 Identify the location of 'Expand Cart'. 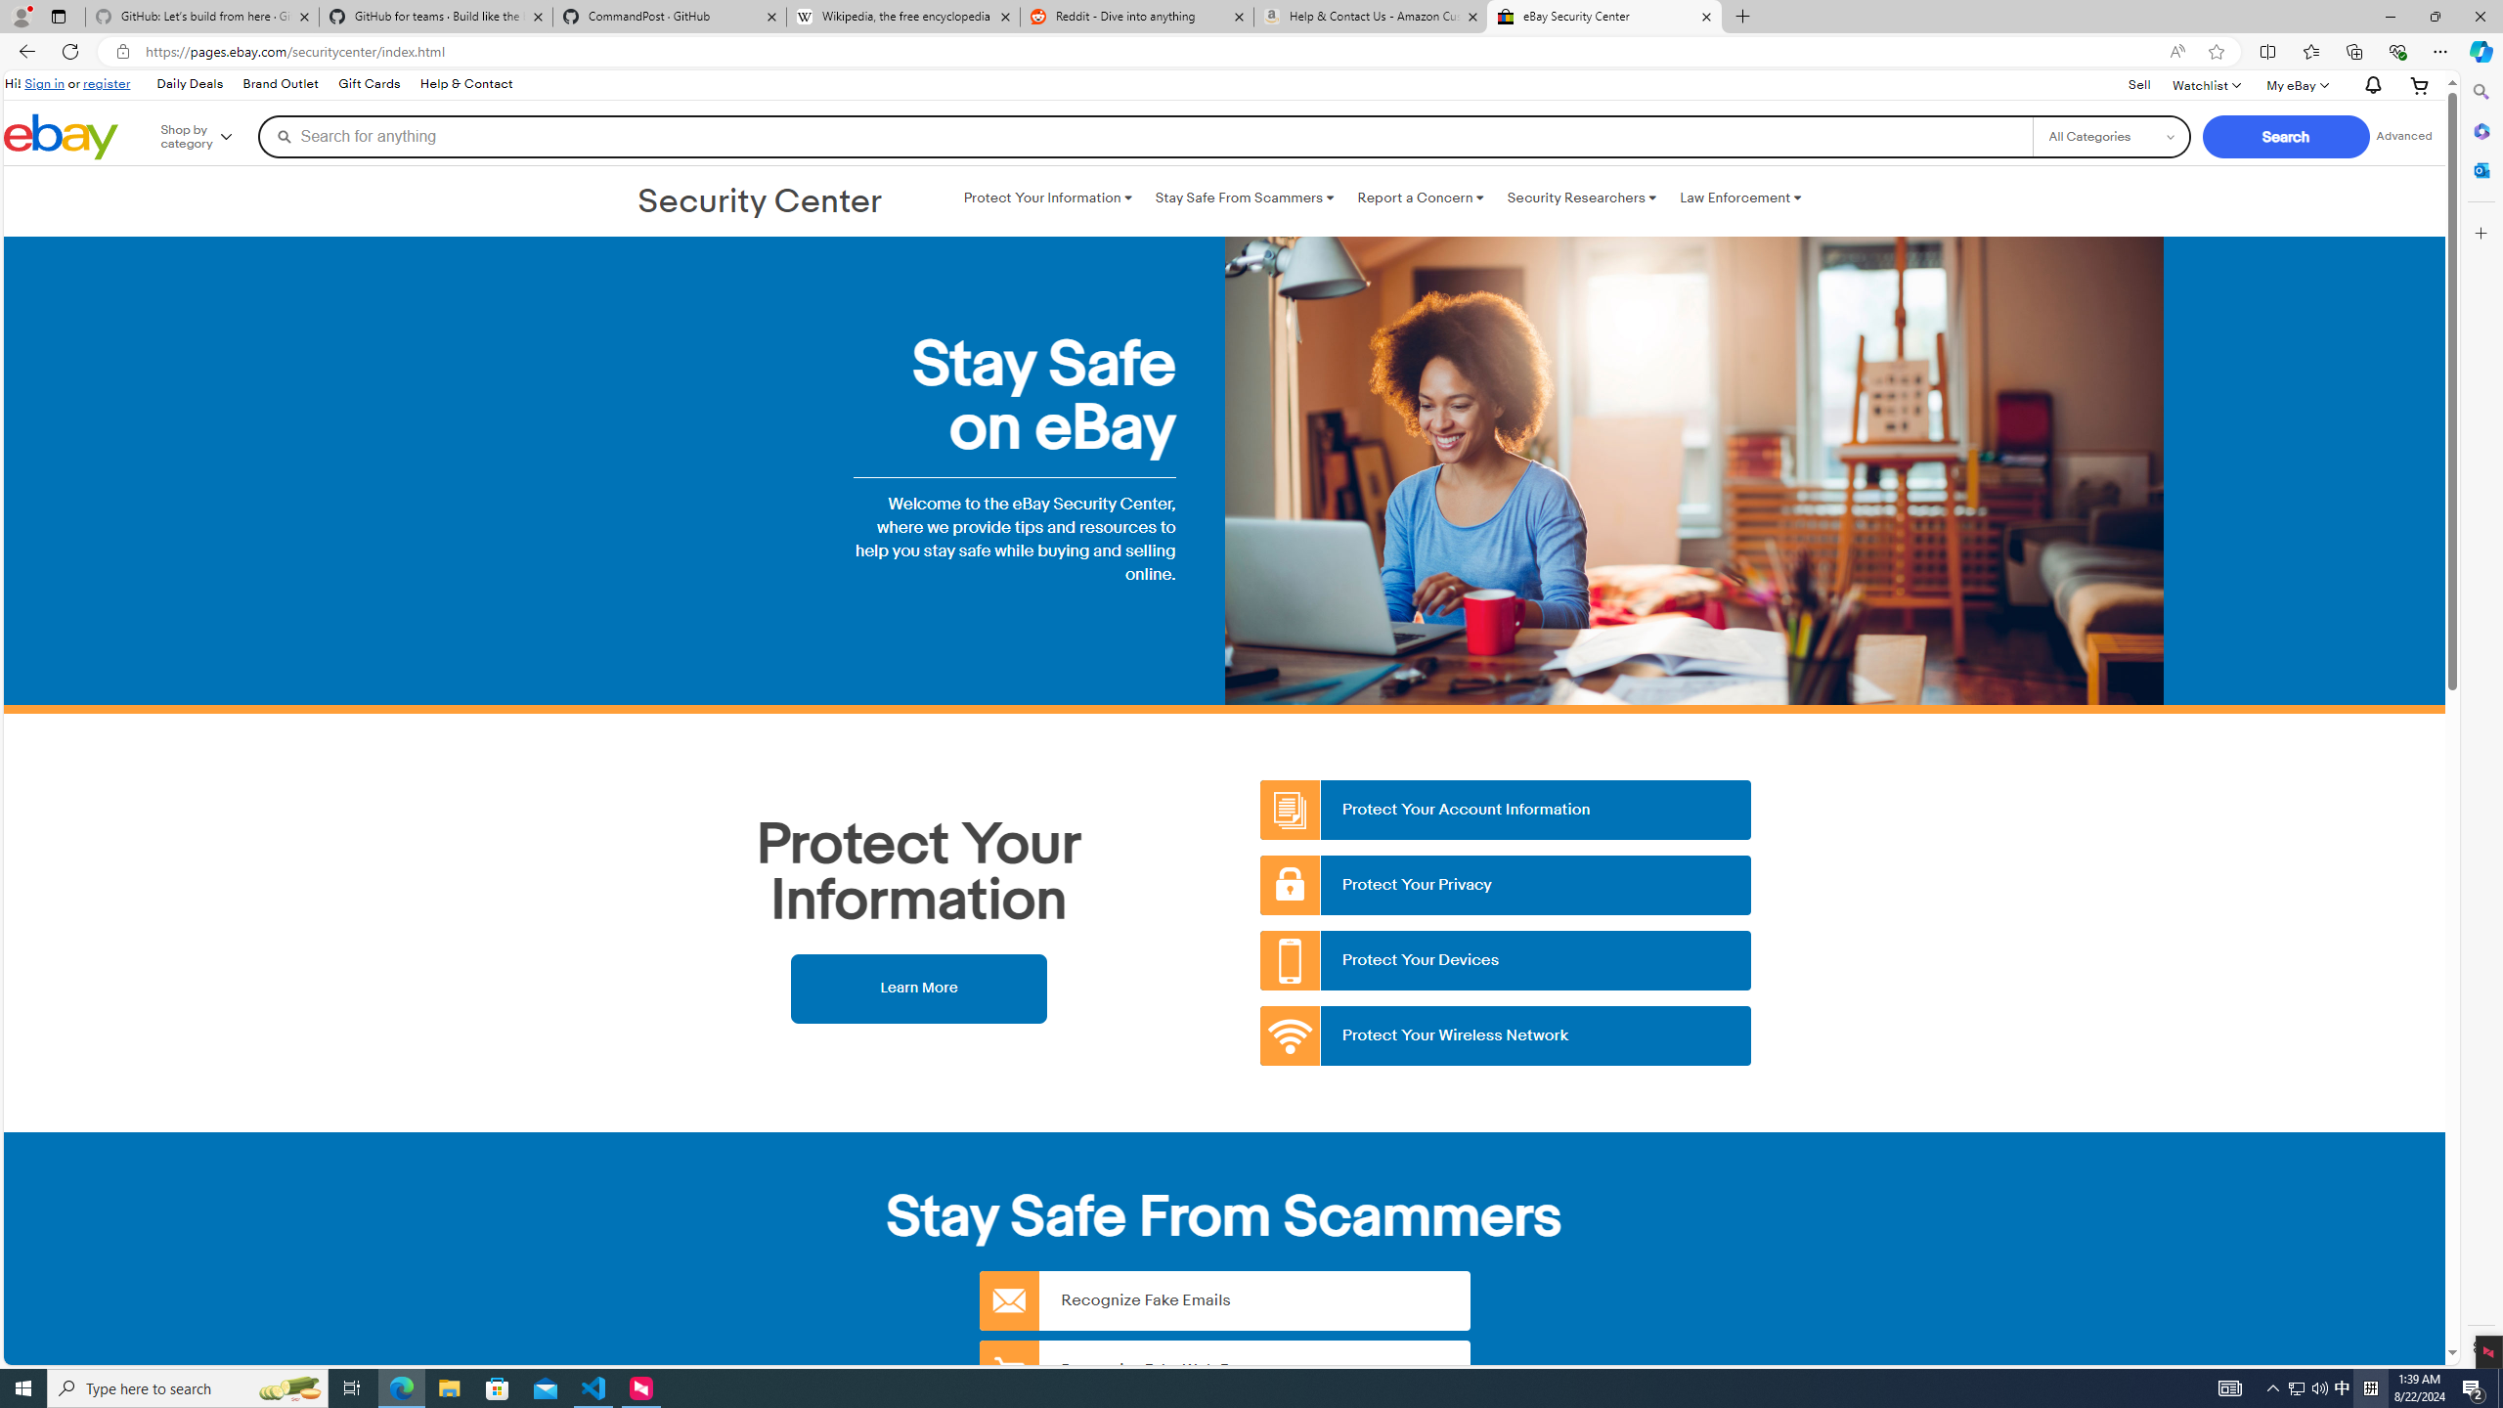
(2419, 85).